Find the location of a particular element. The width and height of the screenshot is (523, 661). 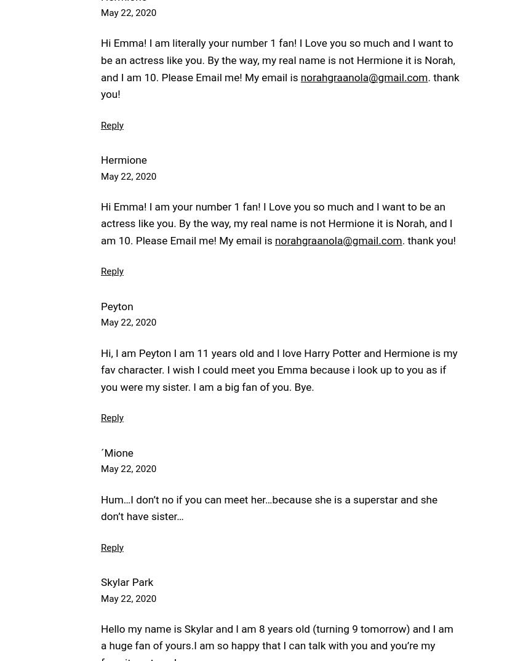

'Hi Emma! I am your number 1 fan! I Love you so much and I want to be an actress like you. By the way, my real name is not Hermione it is Norah, and I am 10. Please Email me! My email is' is located at coordinates (276, 222).